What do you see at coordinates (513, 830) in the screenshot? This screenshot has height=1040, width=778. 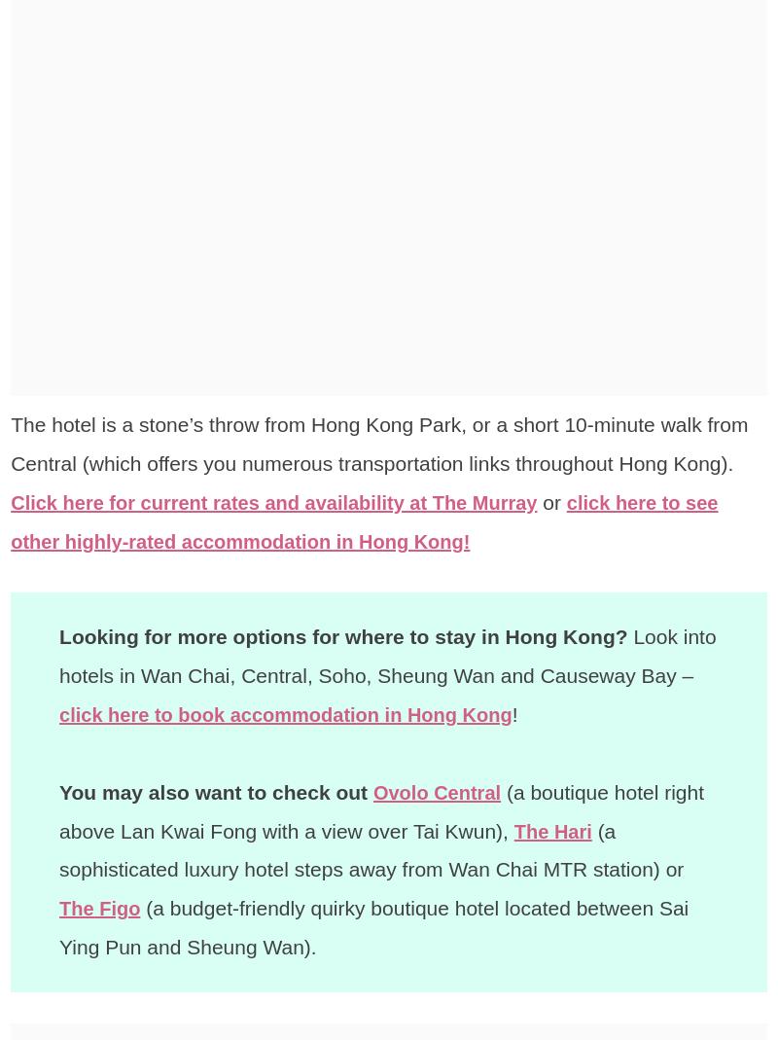 I see `'The Hari'` at bounding box center [513, 830].